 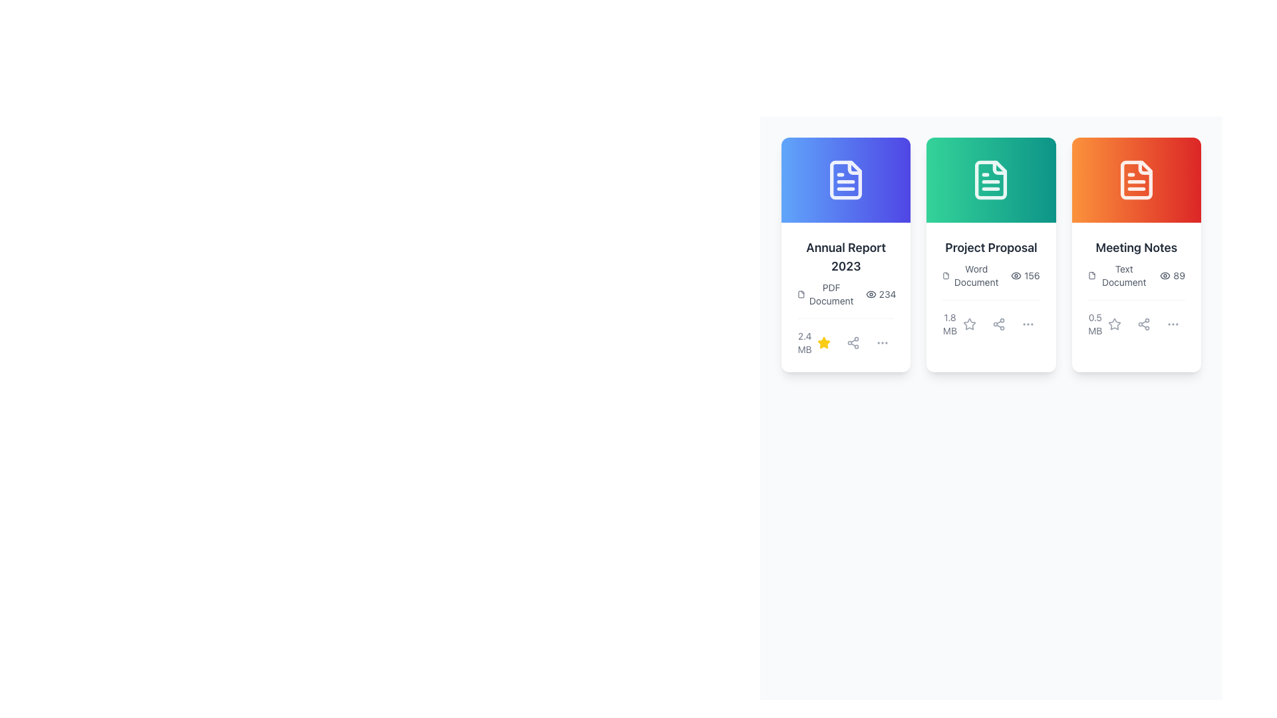 What do you see at coordinates (823, 342) in the screenshot?
I see `the star icon located in the card titled 'Annual Report 2023' to mark the item as a favorite` at bounding box center [823, 342].